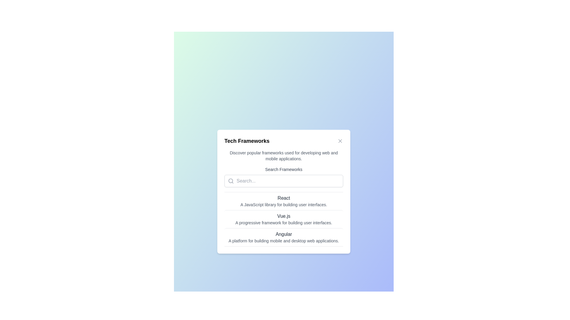 This screenshot has height=320, width=570. Describe the element at coordinates (283, 216) in the screenshot. I see `the text label reading 'Vue.js', which is prominently styled in dark gray on a white background within a modal interface` at that location.